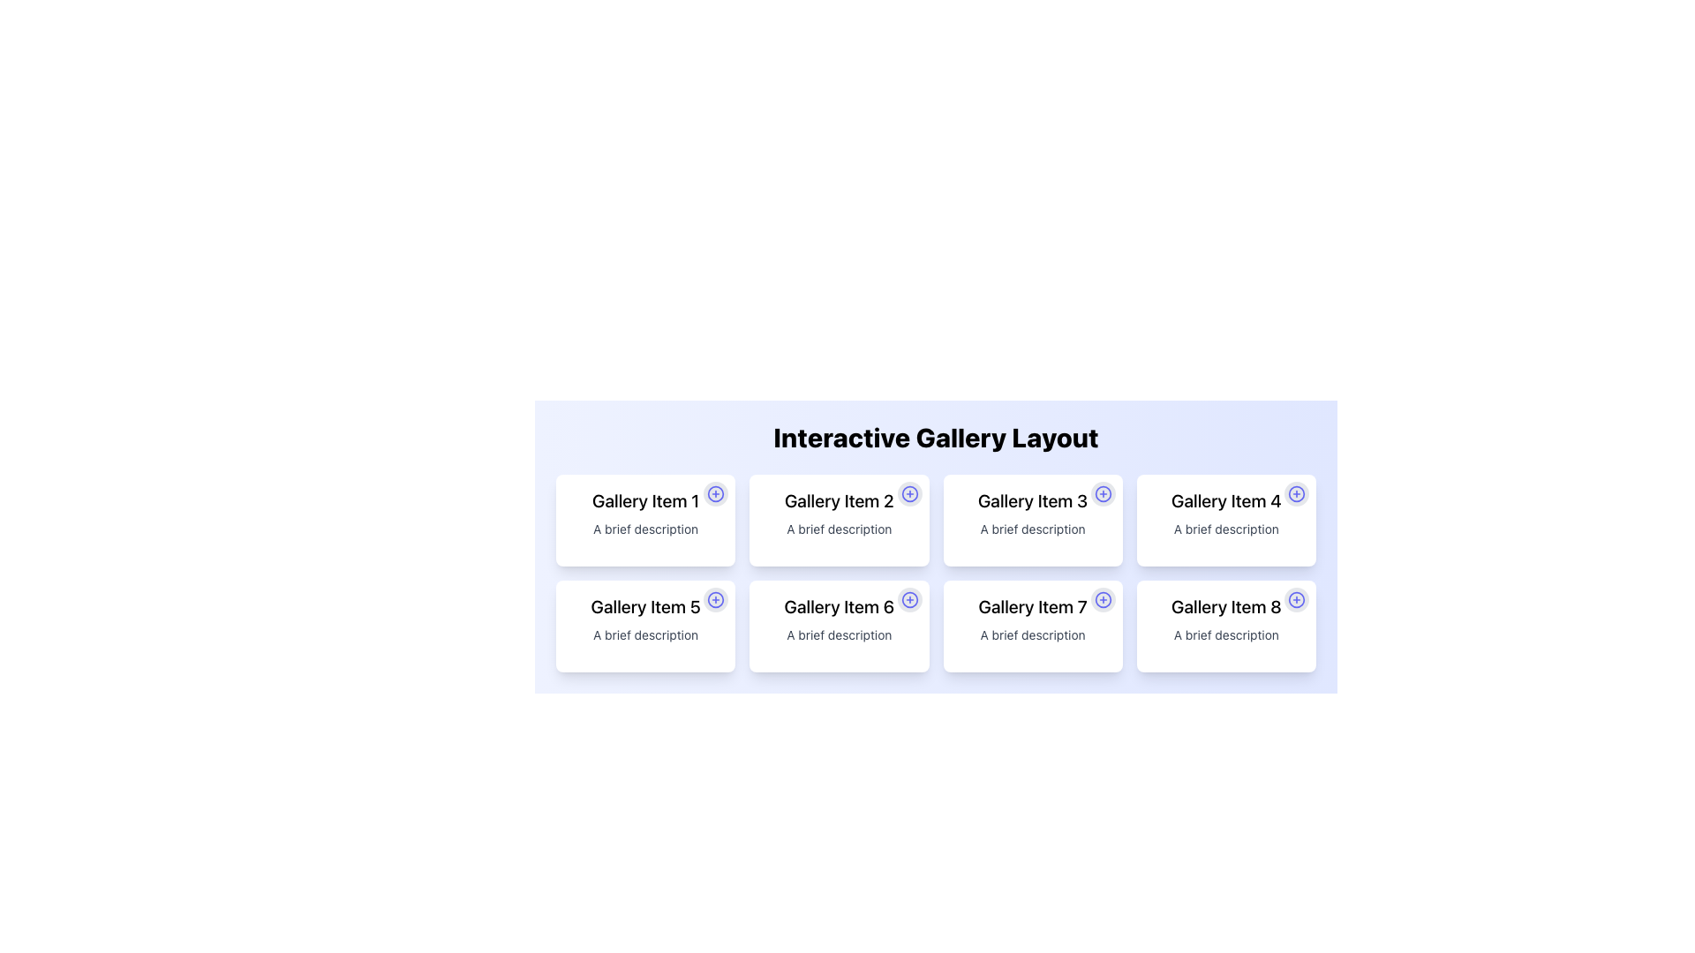 Image resolution: width=1695 pixels, height=953 pixels. I want to click on the text displaying 'A brief description' located inside the card labeled 'Gallery Item 6' in the second row and third column of the grid layout, so click(838, 635).